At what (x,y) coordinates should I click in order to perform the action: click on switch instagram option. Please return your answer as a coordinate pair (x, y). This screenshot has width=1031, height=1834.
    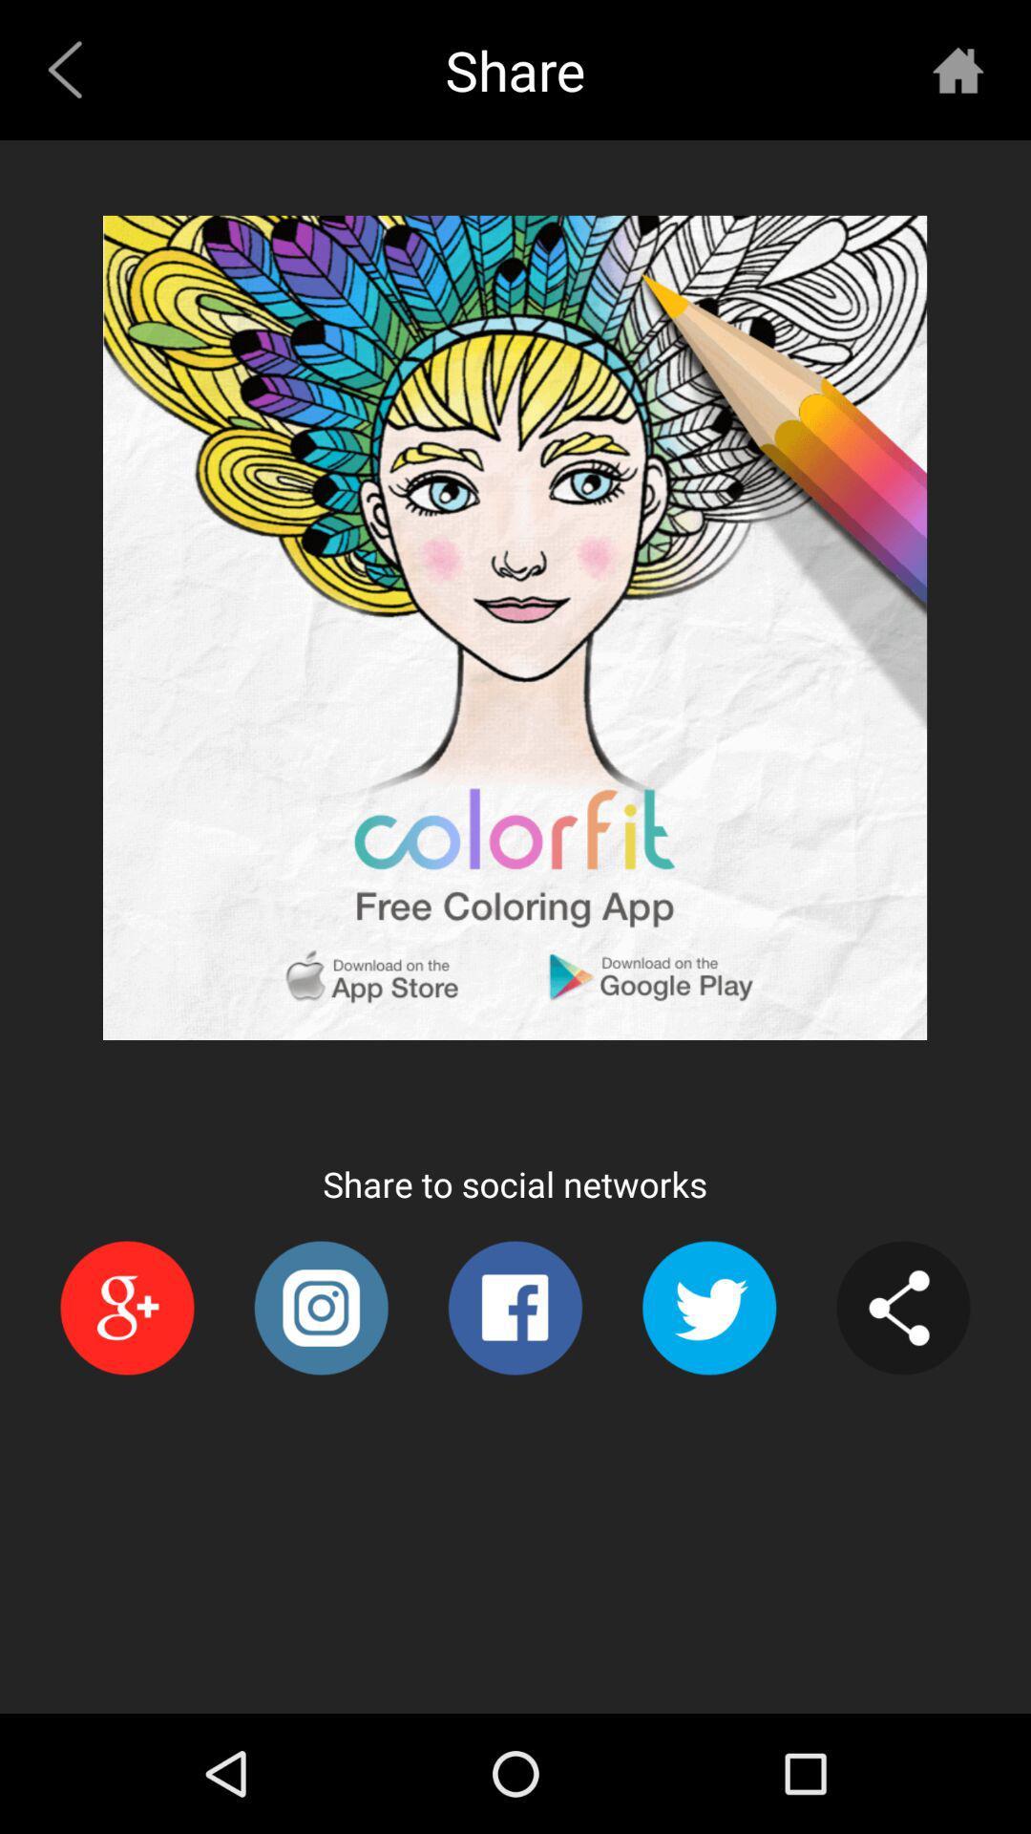
    Looking at the image, I should click on (320, 1307).